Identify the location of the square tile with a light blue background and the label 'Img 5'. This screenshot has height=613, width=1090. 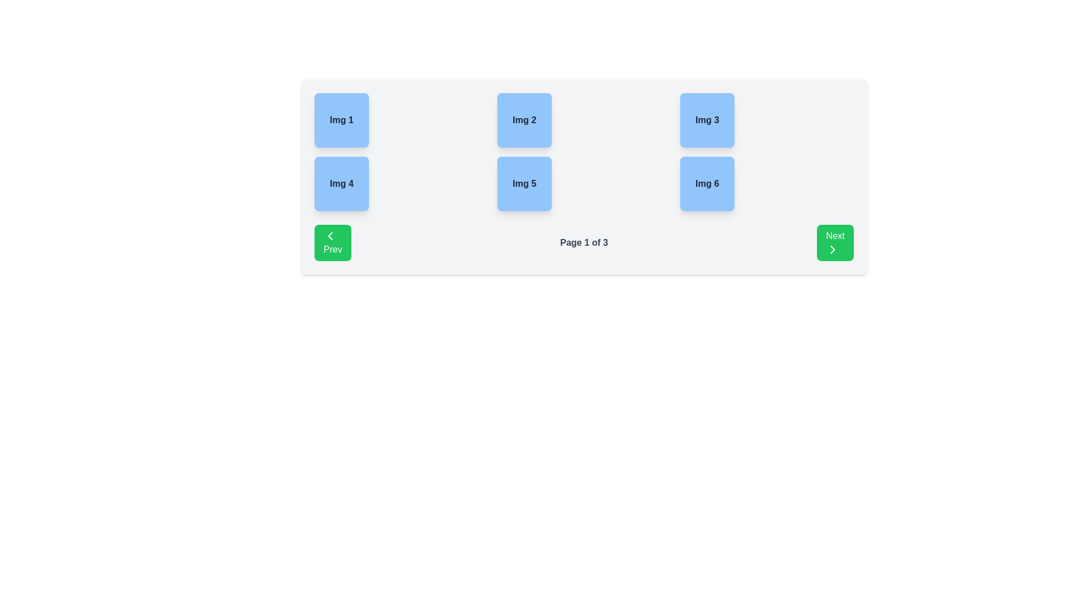
(524, 183).